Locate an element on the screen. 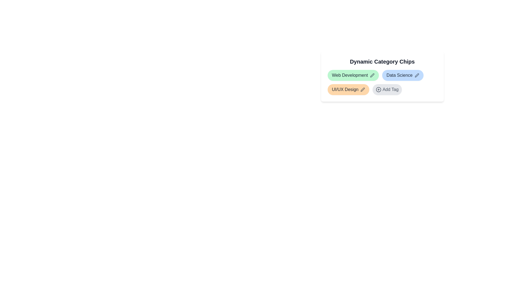 The width and height of the screenshot is (526, 296). the tag chip labeled Web Development to select or interact with it is located at coordinates (353, 75).